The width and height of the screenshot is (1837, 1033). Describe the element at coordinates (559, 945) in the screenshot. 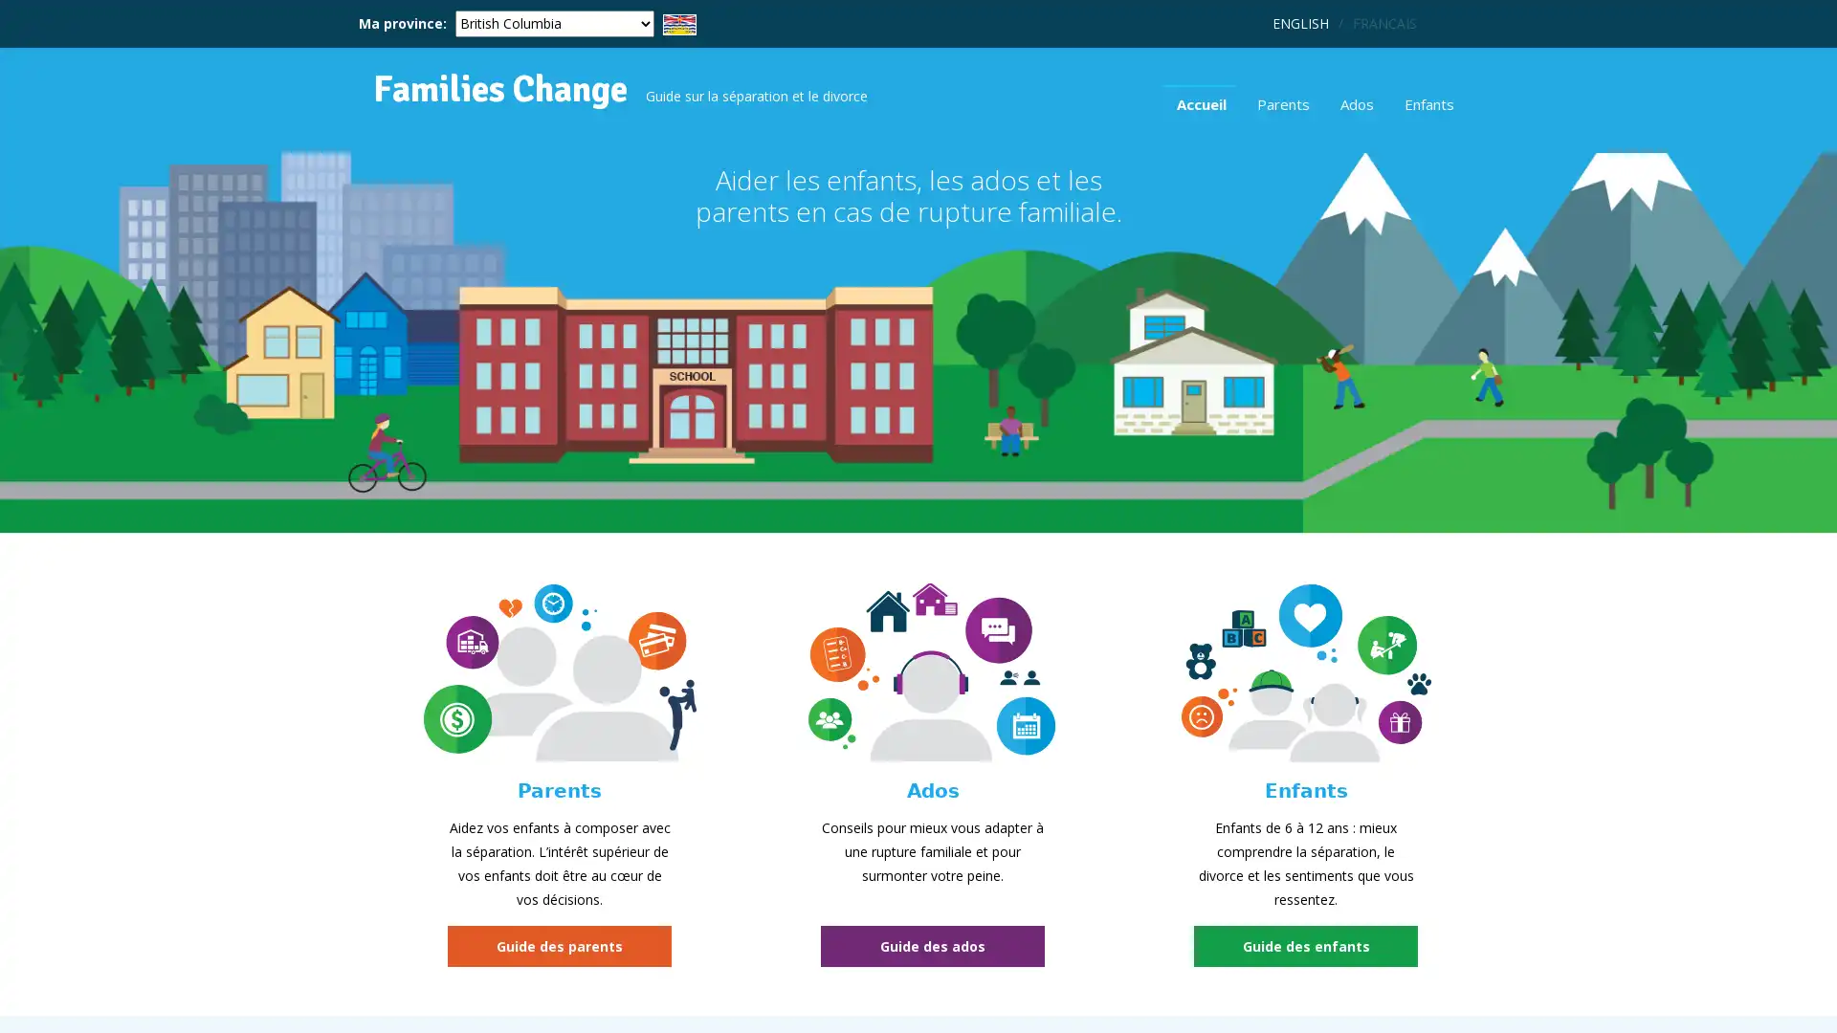

I see `Guide des parents` at that location.